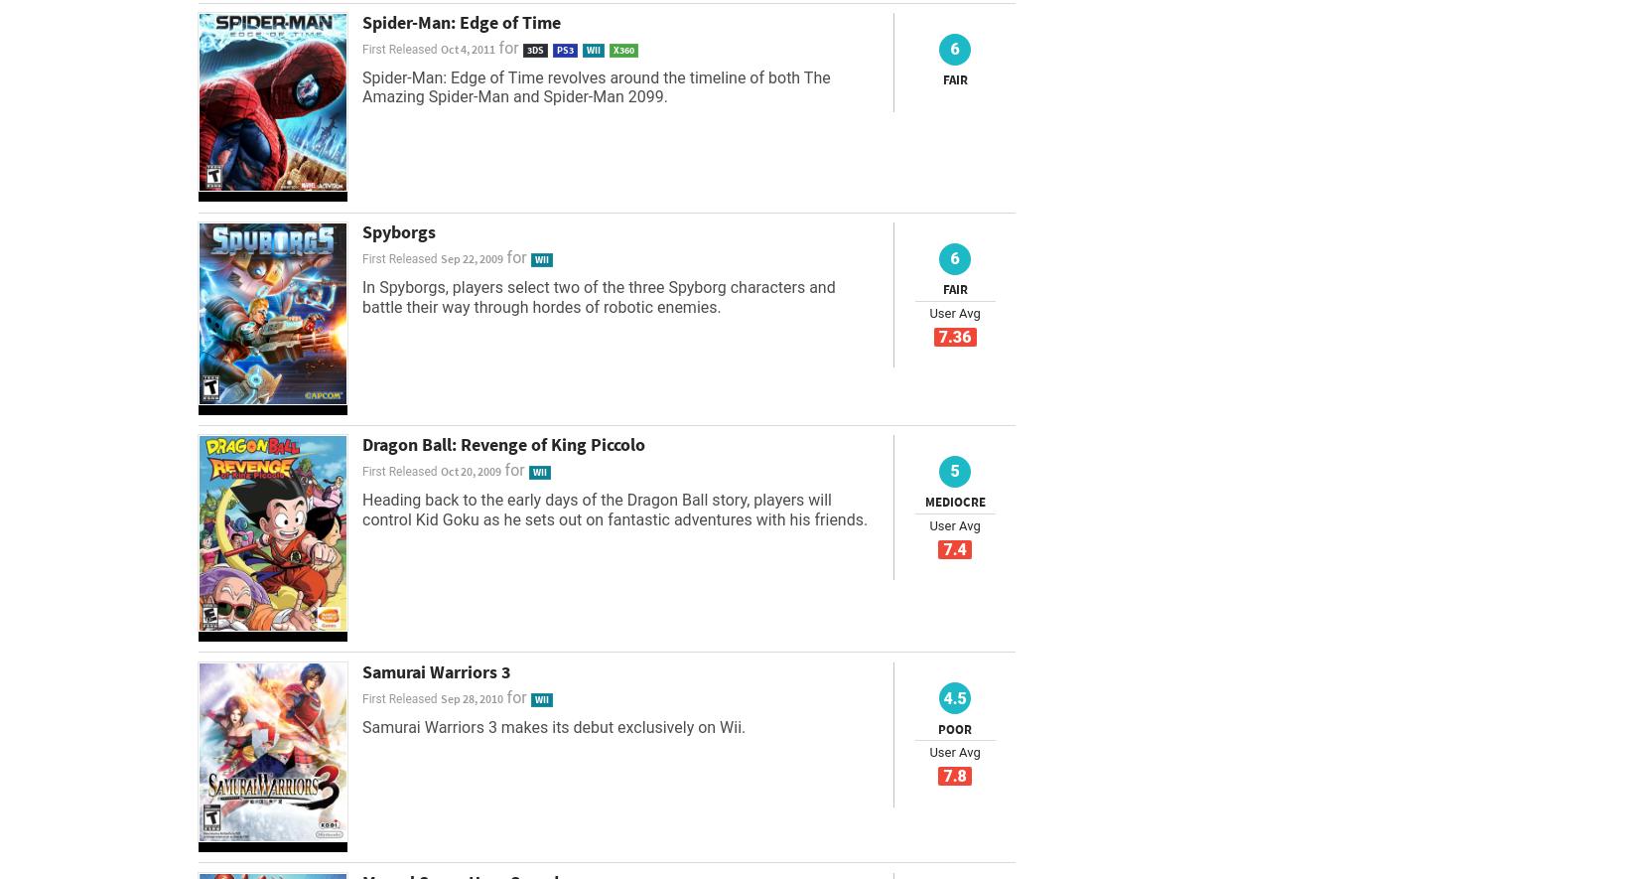  Describe the element at coordinates (502, 443) in the screenshot. I see `'Dragon Ball: Revenge of King Piccolo'` at that location.